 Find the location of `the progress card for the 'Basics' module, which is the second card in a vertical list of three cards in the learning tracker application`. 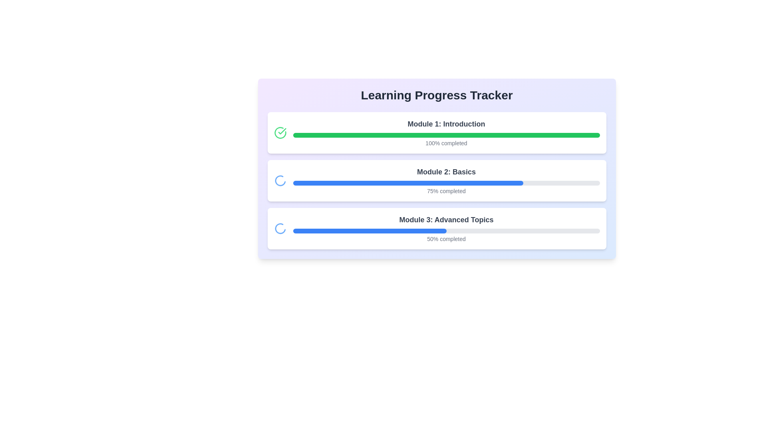

the progress card for the 'Basics' module, which is the second card in a vertical list of three cards in the learning tracker application is located at coordinates (436, 168).